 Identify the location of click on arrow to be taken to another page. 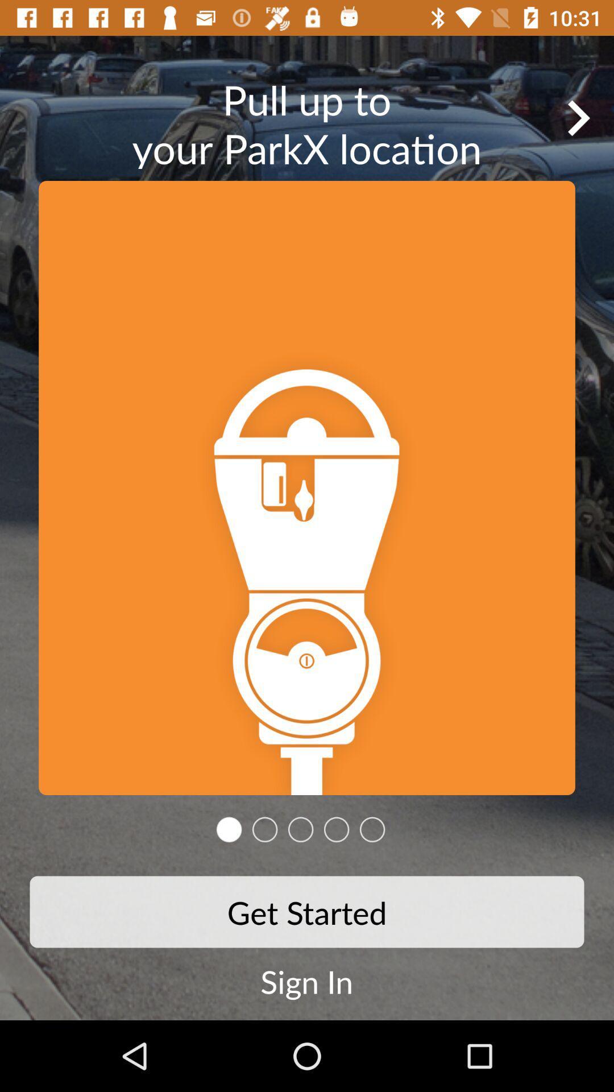
(578, 118).